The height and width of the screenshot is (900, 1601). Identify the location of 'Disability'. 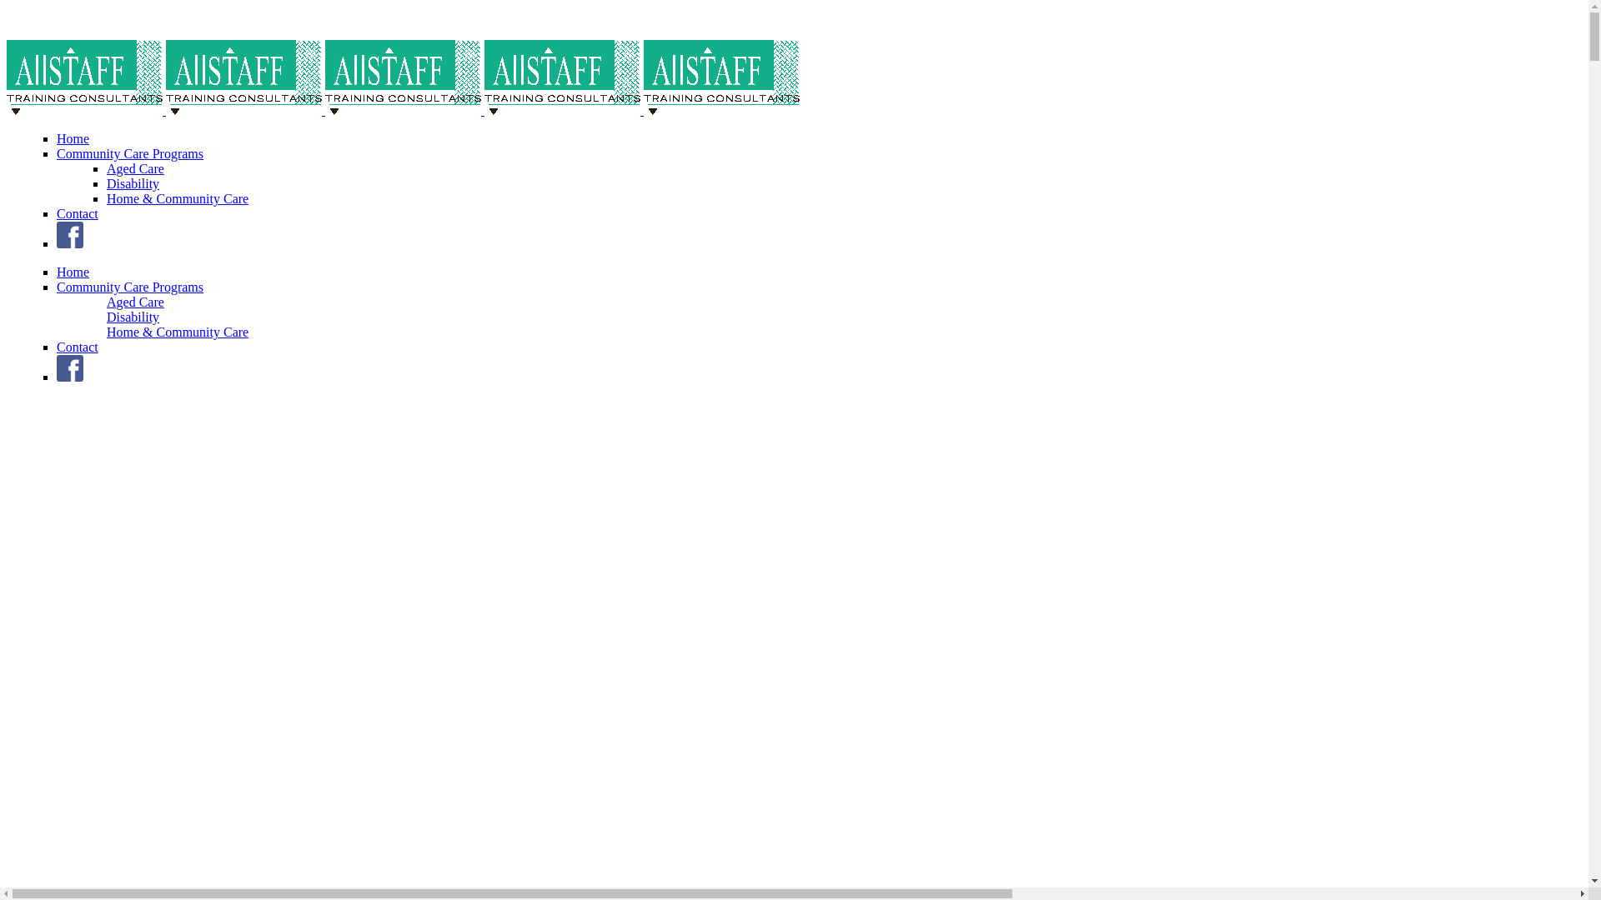
(132, 183).